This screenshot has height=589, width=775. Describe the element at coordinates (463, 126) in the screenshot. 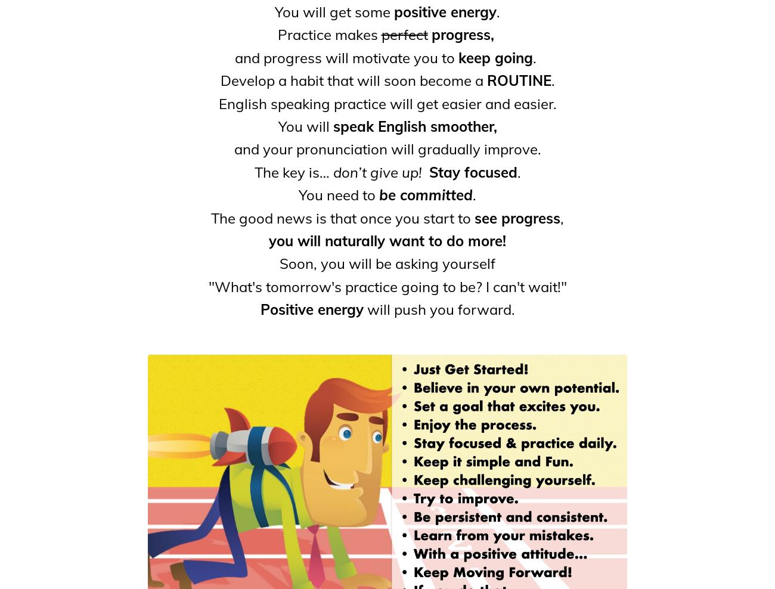

I see `'smoother,'` at that location.